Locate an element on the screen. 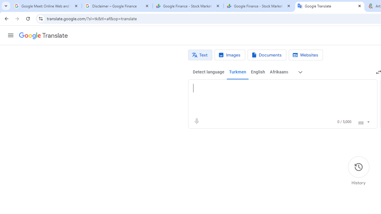 This screenshot has height=214, width=381. 'Main menu' is located at coordinates (10, 35).